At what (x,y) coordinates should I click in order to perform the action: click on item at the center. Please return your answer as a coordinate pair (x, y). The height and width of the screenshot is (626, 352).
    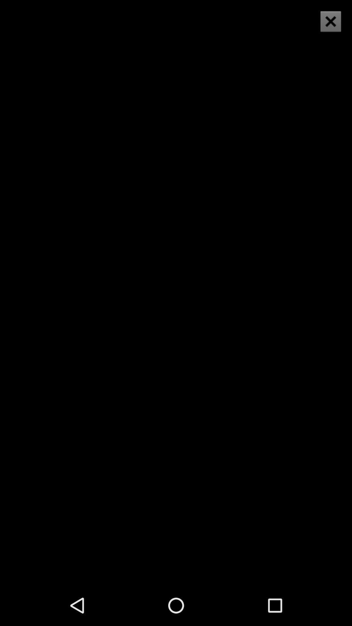
    Looking at the image, I should click on (176, 292).